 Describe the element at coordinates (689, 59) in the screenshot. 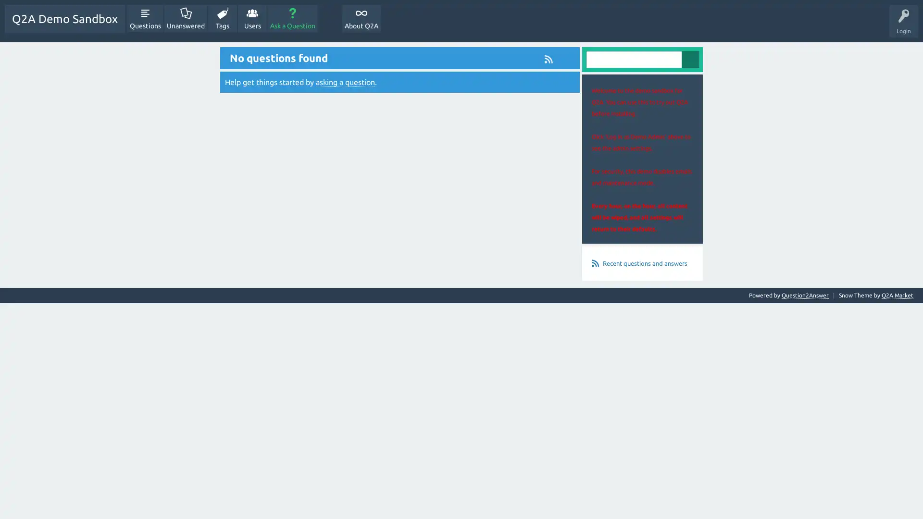

I see `Search` at that location.